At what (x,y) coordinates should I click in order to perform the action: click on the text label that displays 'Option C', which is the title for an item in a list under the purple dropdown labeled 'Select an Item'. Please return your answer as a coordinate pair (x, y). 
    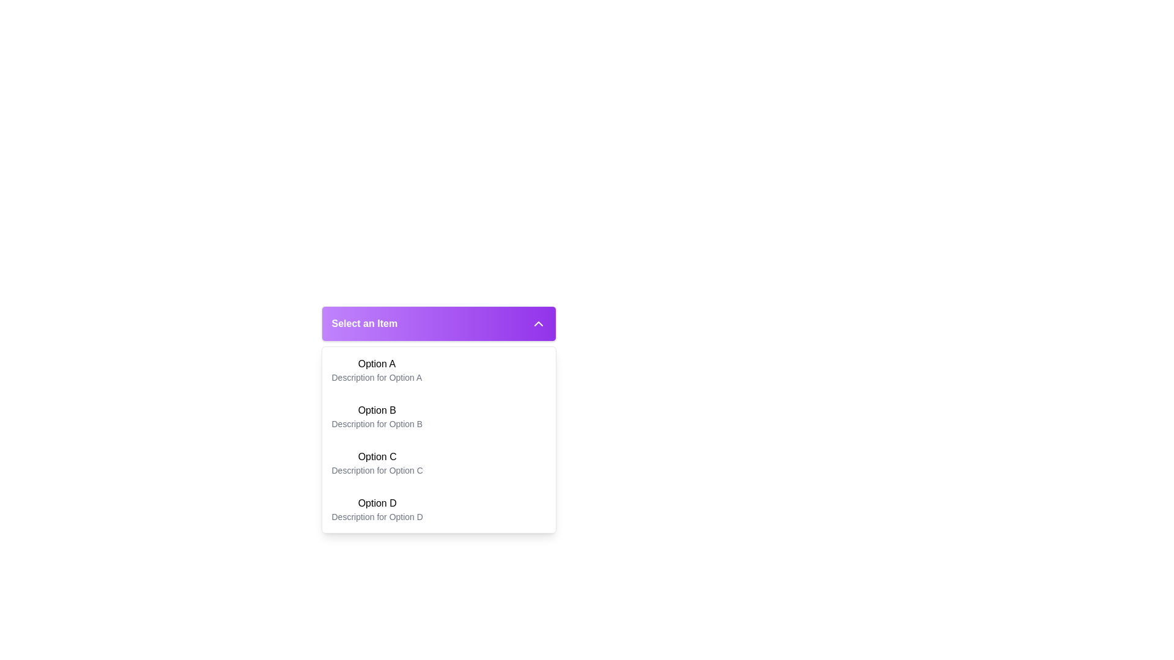
    Looking at the image, I should click on (377, 457).